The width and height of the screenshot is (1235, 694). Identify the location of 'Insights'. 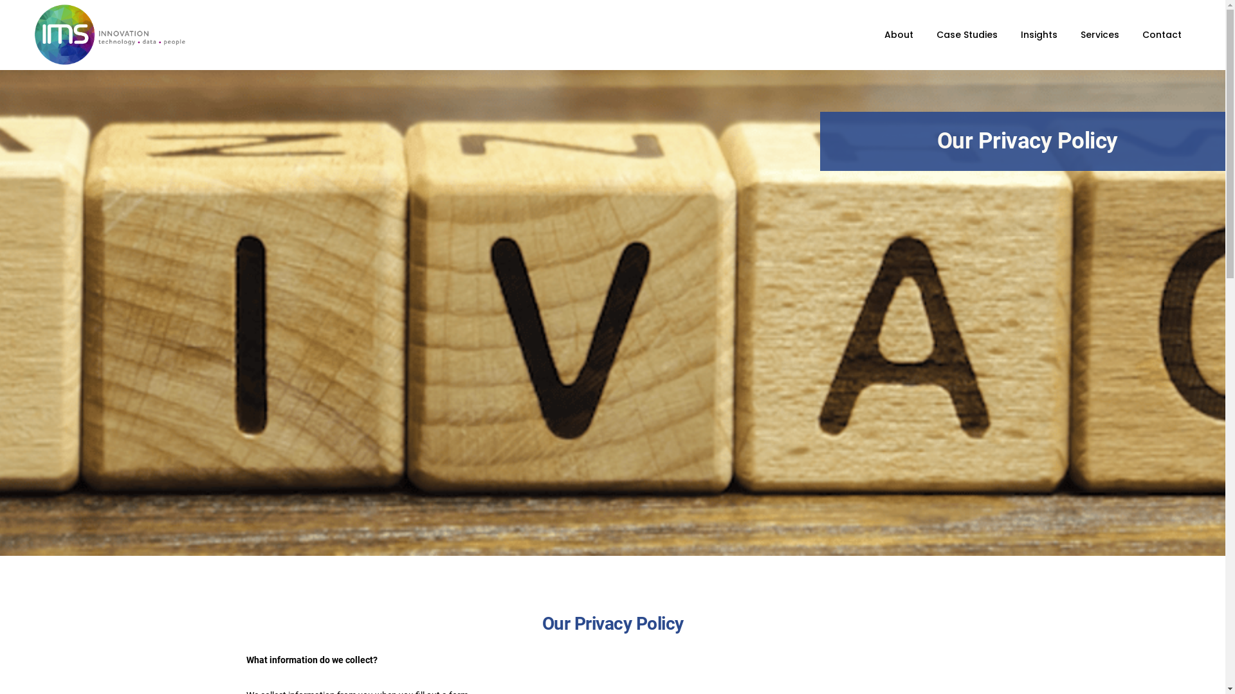
(1039, 34).